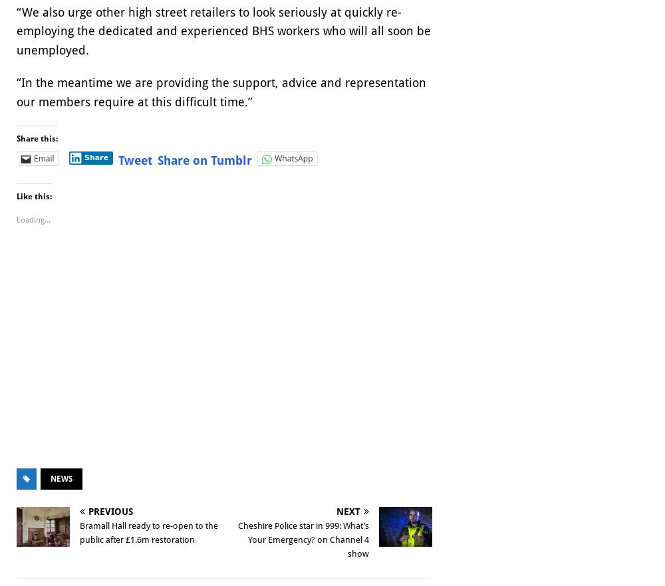 The height and width of the screenshot is (586, 665). Describe the element at coordinates (148, 532) in the screenshot. I see `'Bramall Hall ready to re-open to the public after £1.6m restoration'` at that location.